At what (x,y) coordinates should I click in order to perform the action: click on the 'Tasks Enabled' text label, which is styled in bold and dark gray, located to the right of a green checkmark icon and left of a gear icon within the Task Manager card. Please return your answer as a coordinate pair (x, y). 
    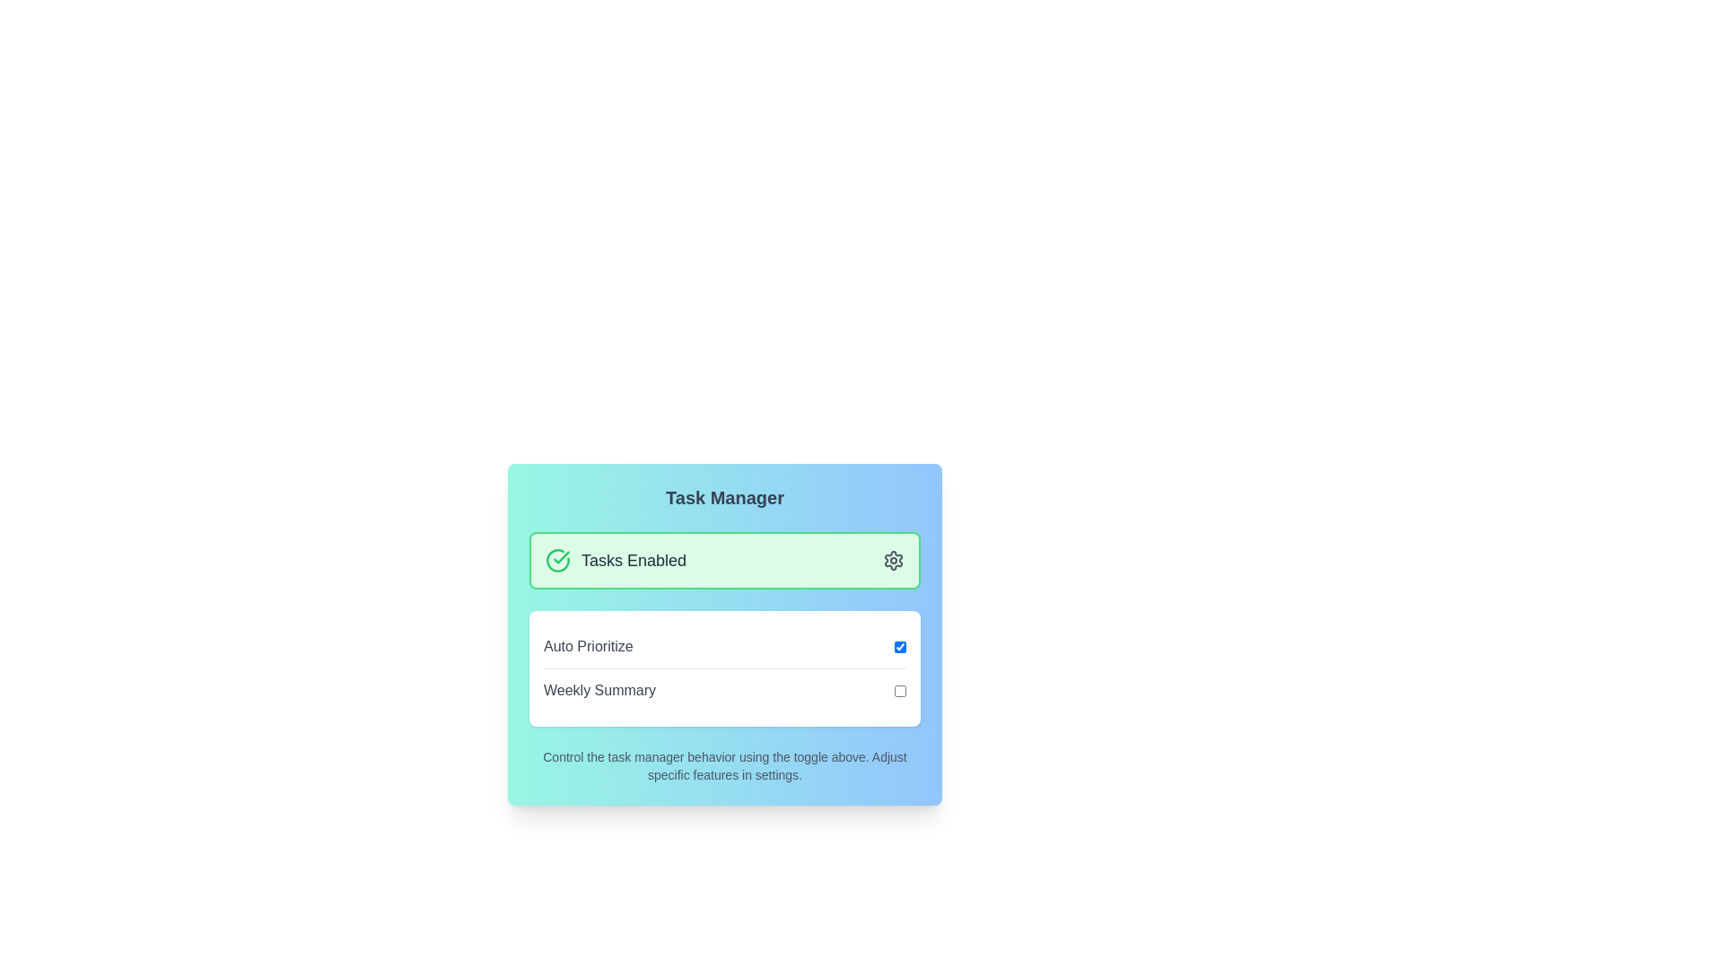
    Looking at the image, I should click on (634, 559).